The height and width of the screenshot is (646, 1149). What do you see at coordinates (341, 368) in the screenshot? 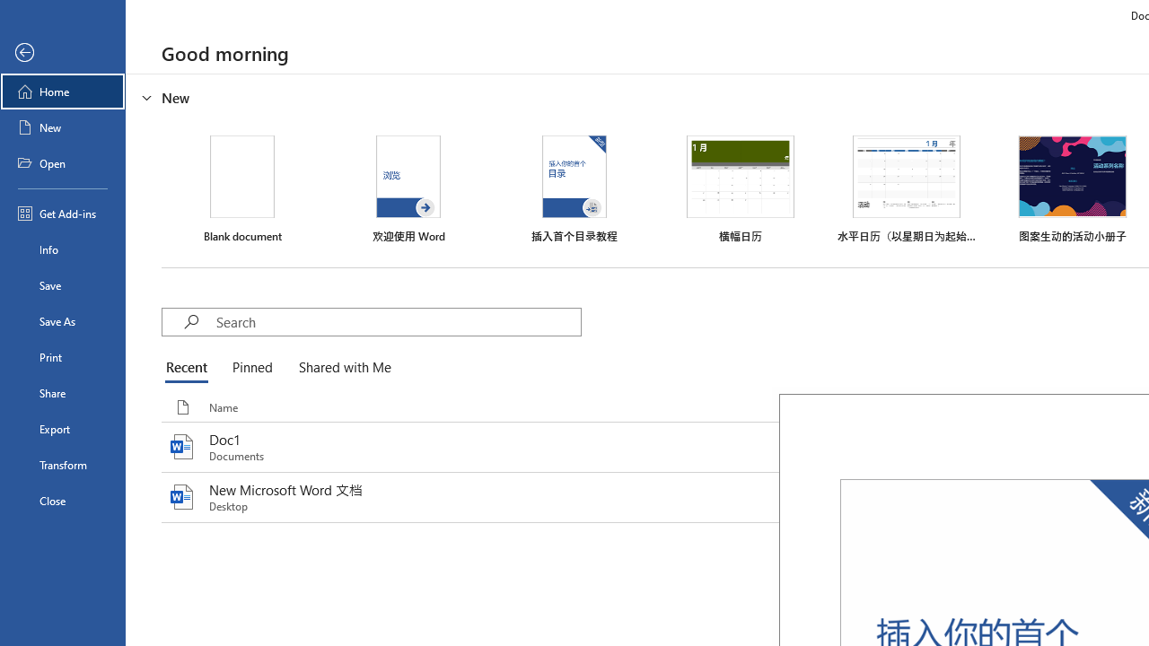
I see `'Shared with Me'` at bounding box center [341, 368].